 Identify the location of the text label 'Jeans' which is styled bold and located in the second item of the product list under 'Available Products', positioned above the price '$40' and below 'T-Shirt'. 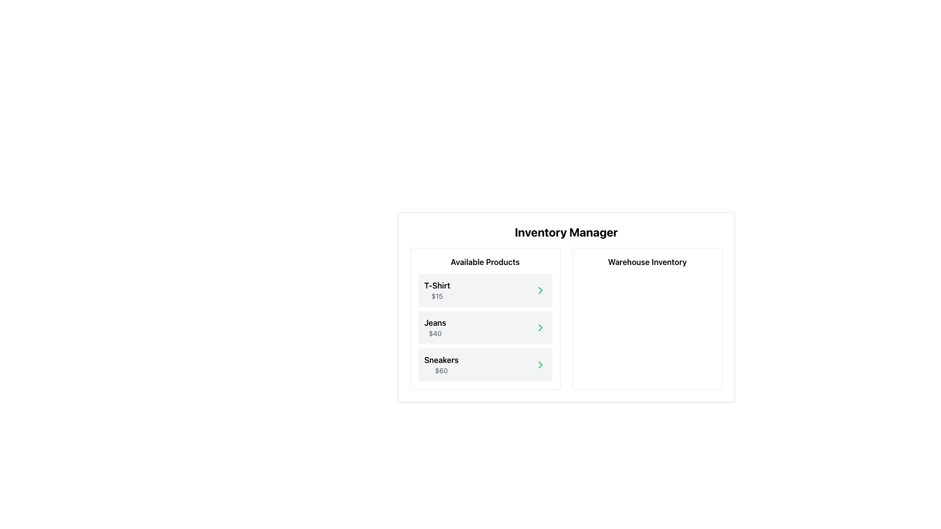
(435, 323).